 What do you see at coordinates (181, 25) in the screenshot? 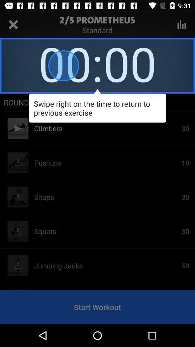
I see `the sliders icon` at bounding box center [181, 25].